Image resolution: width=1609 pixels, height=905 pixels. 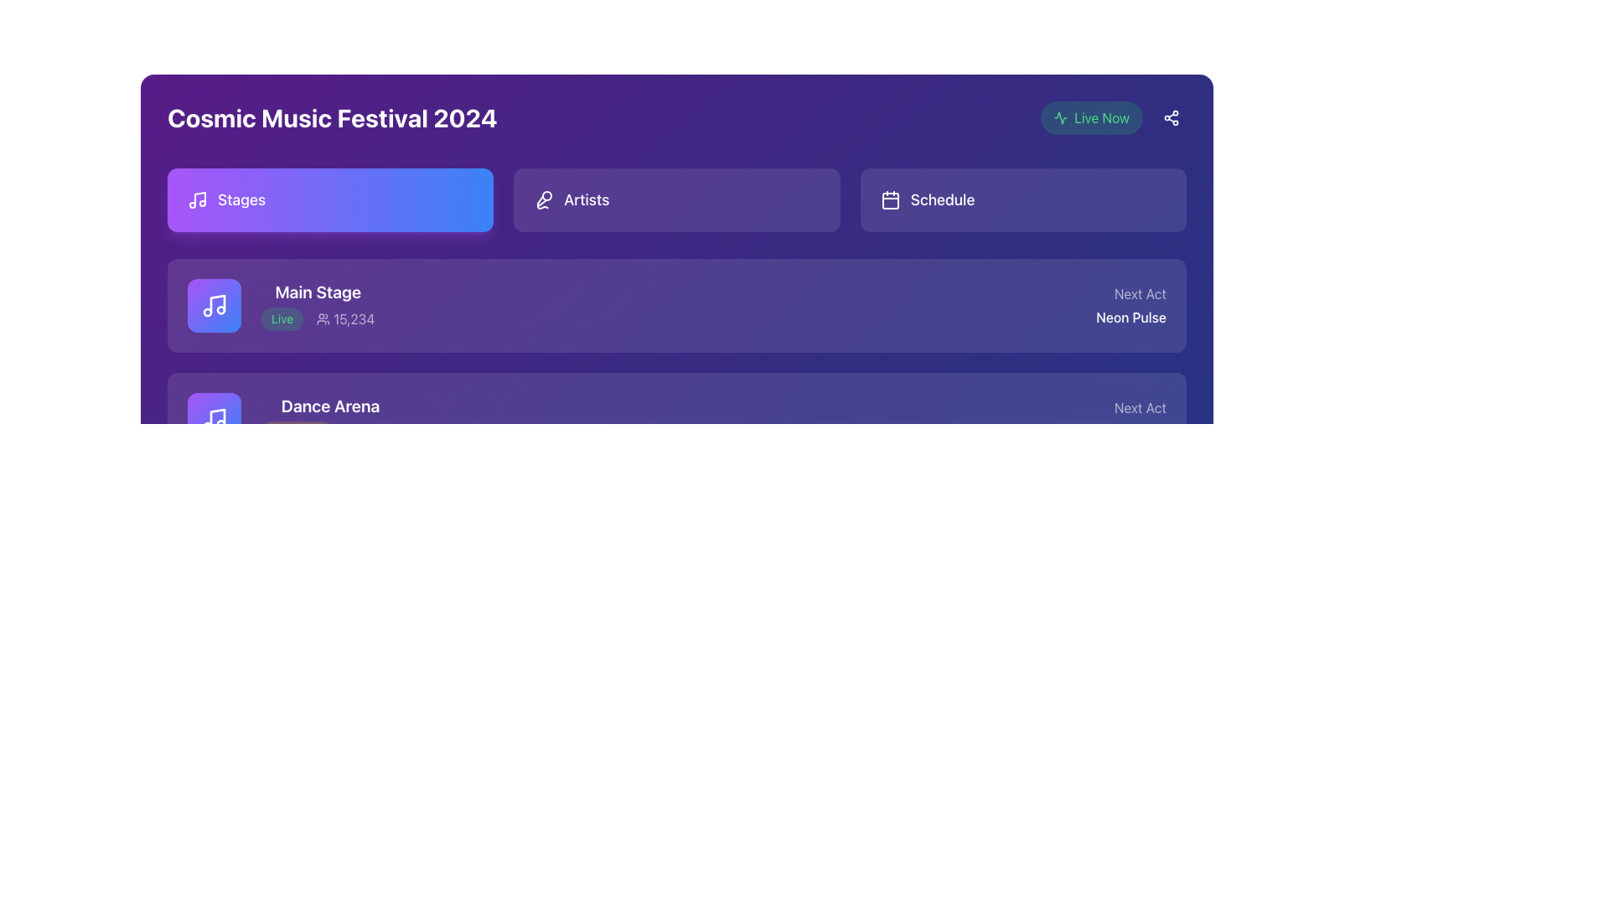 I want to click on the textual display element that shows 'Next Act' in light gray and 'Neon Pulse' in bold white, located at the top right of the 'Main Stage' section, so click(x=1131, y=306).